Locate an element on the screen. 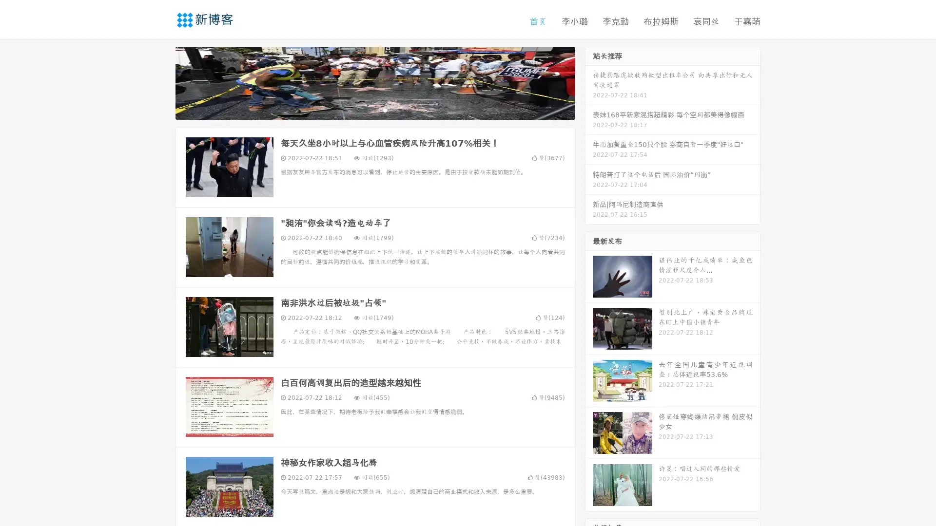 The image size is (936, 526). Previous slide is located at coordinates (161, 82).